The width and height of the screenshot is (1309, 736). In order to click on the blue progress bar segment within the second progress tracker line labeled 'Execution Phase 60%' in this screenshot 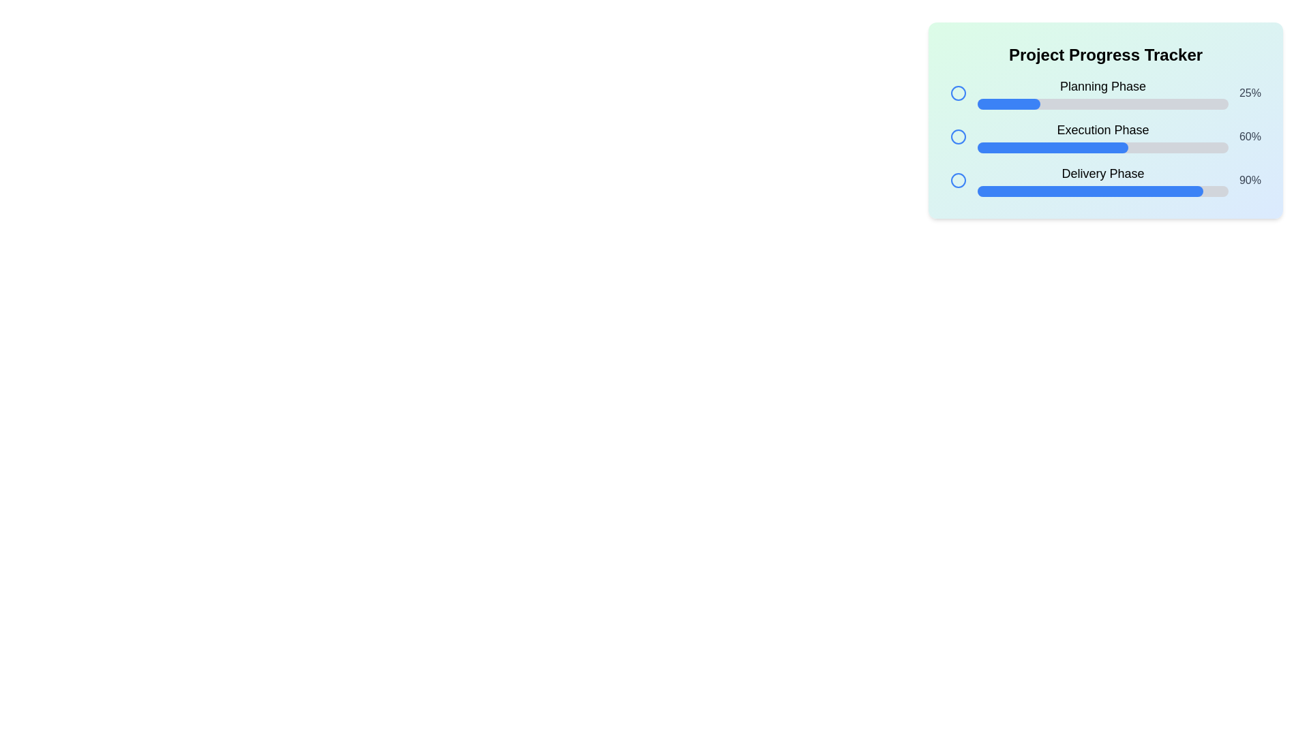, I will do `click(1052, 147)`.